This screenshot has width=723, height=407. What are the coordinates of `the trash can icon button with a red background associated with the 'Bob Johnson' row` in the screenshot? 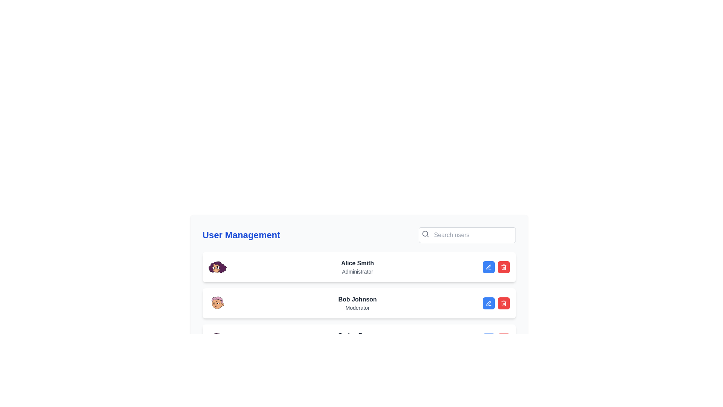 It's located at (503, 267).